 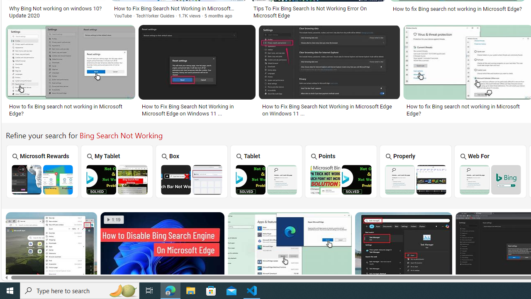 I want to click on 'Box', so click(x=191, y=171).